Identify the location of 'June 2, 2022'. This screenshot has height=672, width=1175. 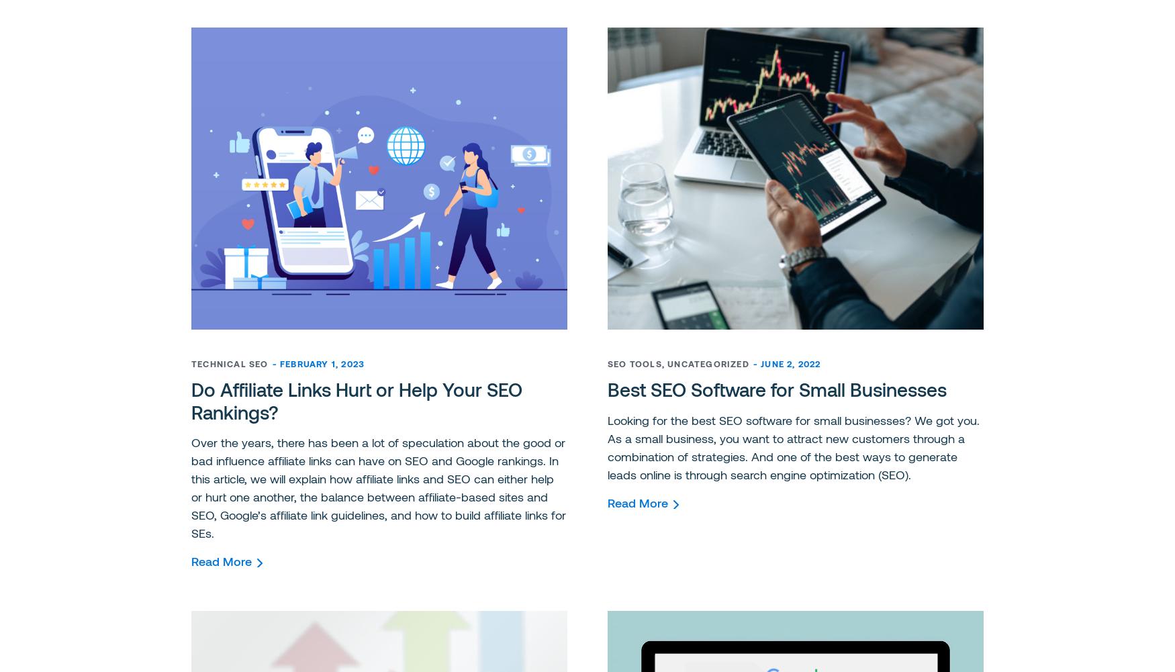
(790, 363).